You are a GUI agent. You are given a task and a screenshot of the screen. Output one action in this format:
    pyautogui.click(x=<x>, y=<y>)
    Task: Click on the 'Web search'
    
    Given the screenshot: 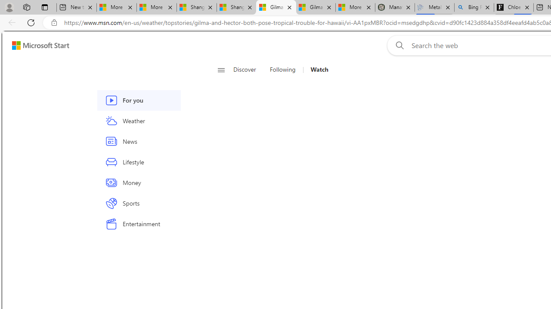 What is the action you would take?
    pyautogui.click(x=397, y=45)
    